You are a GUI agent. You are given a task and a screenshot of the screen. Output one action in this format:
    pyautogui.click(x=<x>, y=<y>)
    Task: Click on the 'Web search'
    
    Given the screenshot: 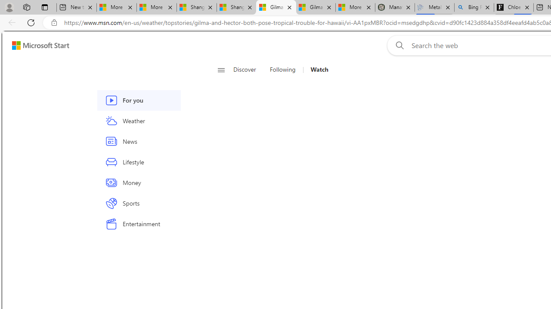 What is the action you would take?
    pyautogui.click(x=397, y=45)
    